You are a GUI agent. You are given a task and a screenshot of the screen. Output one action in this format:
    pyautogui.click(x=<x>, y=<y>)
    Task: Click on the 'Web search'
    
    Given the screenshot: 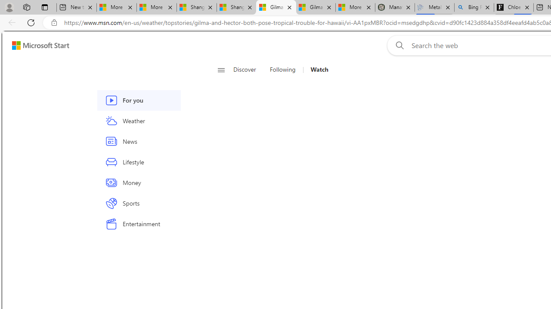 What is the action you would take?
    pyautogui.click(x=397, y=45)
    